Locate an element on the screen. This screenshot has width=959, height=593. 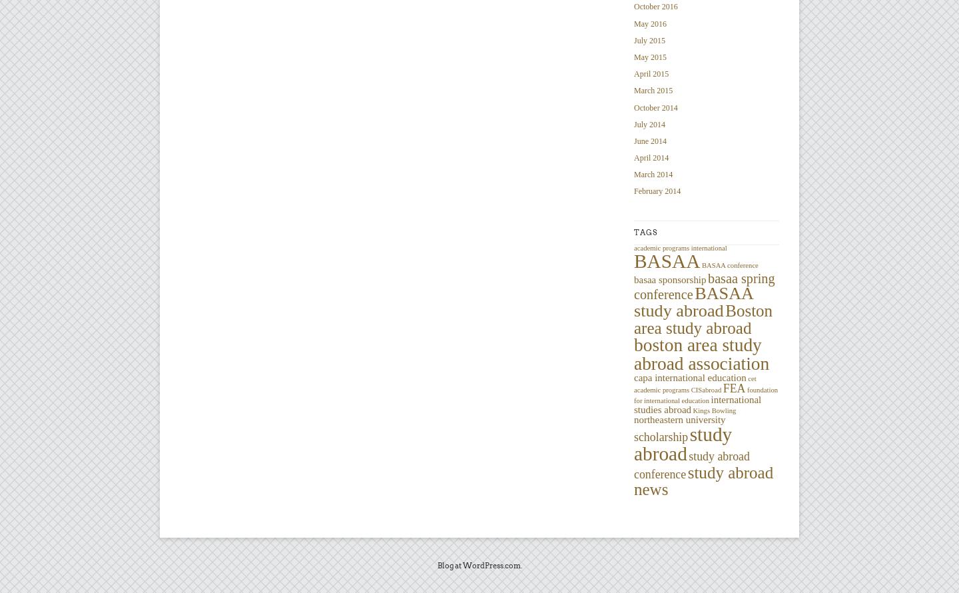
'May 2015' is located at coordinates (649, 55).